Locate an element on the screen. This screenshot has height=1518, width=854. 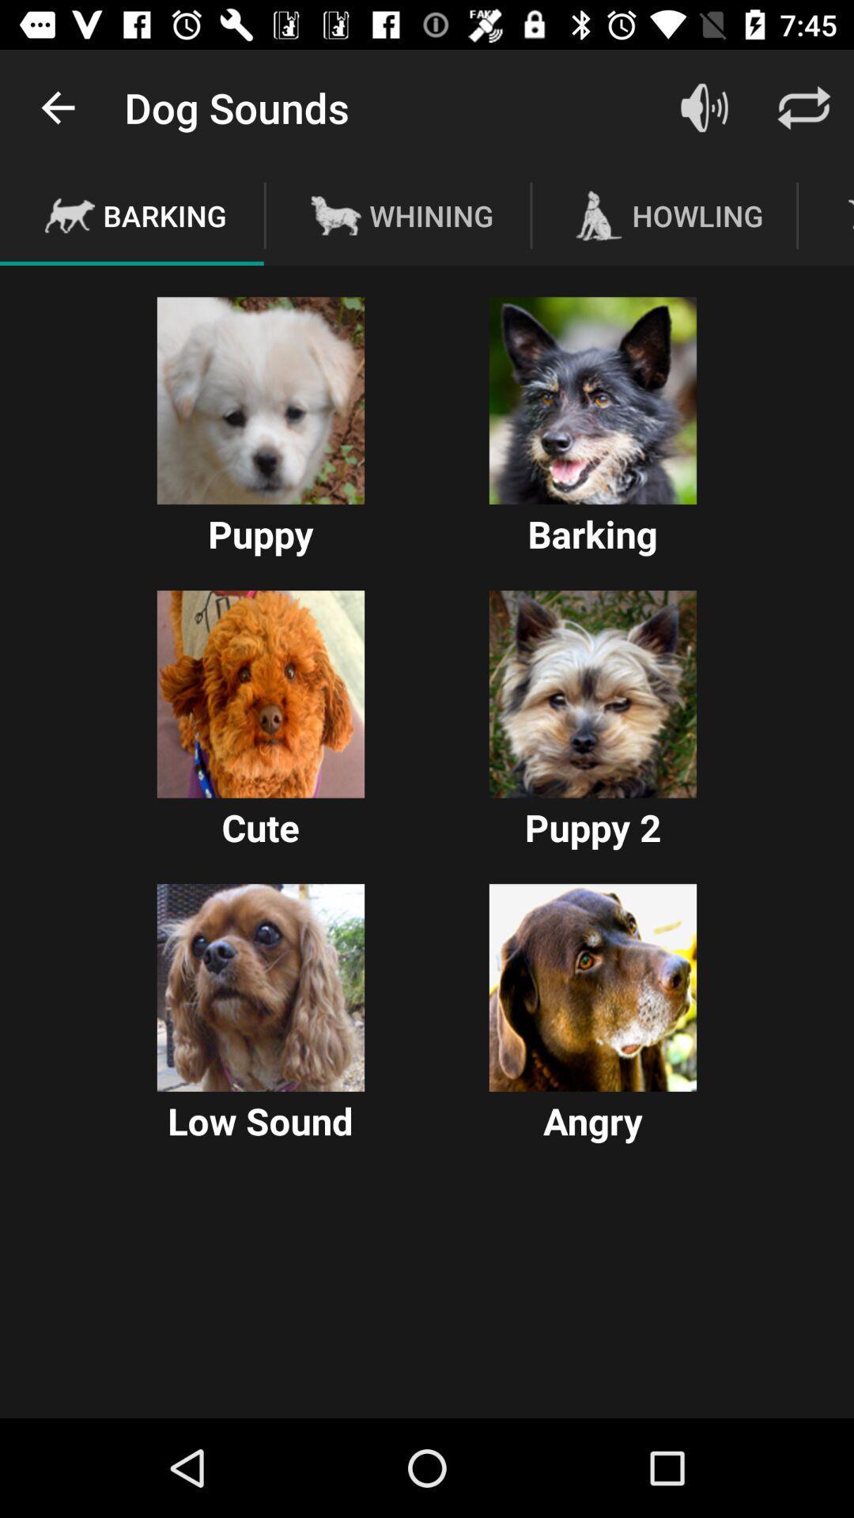
loop is located at coordinates (804, 107).